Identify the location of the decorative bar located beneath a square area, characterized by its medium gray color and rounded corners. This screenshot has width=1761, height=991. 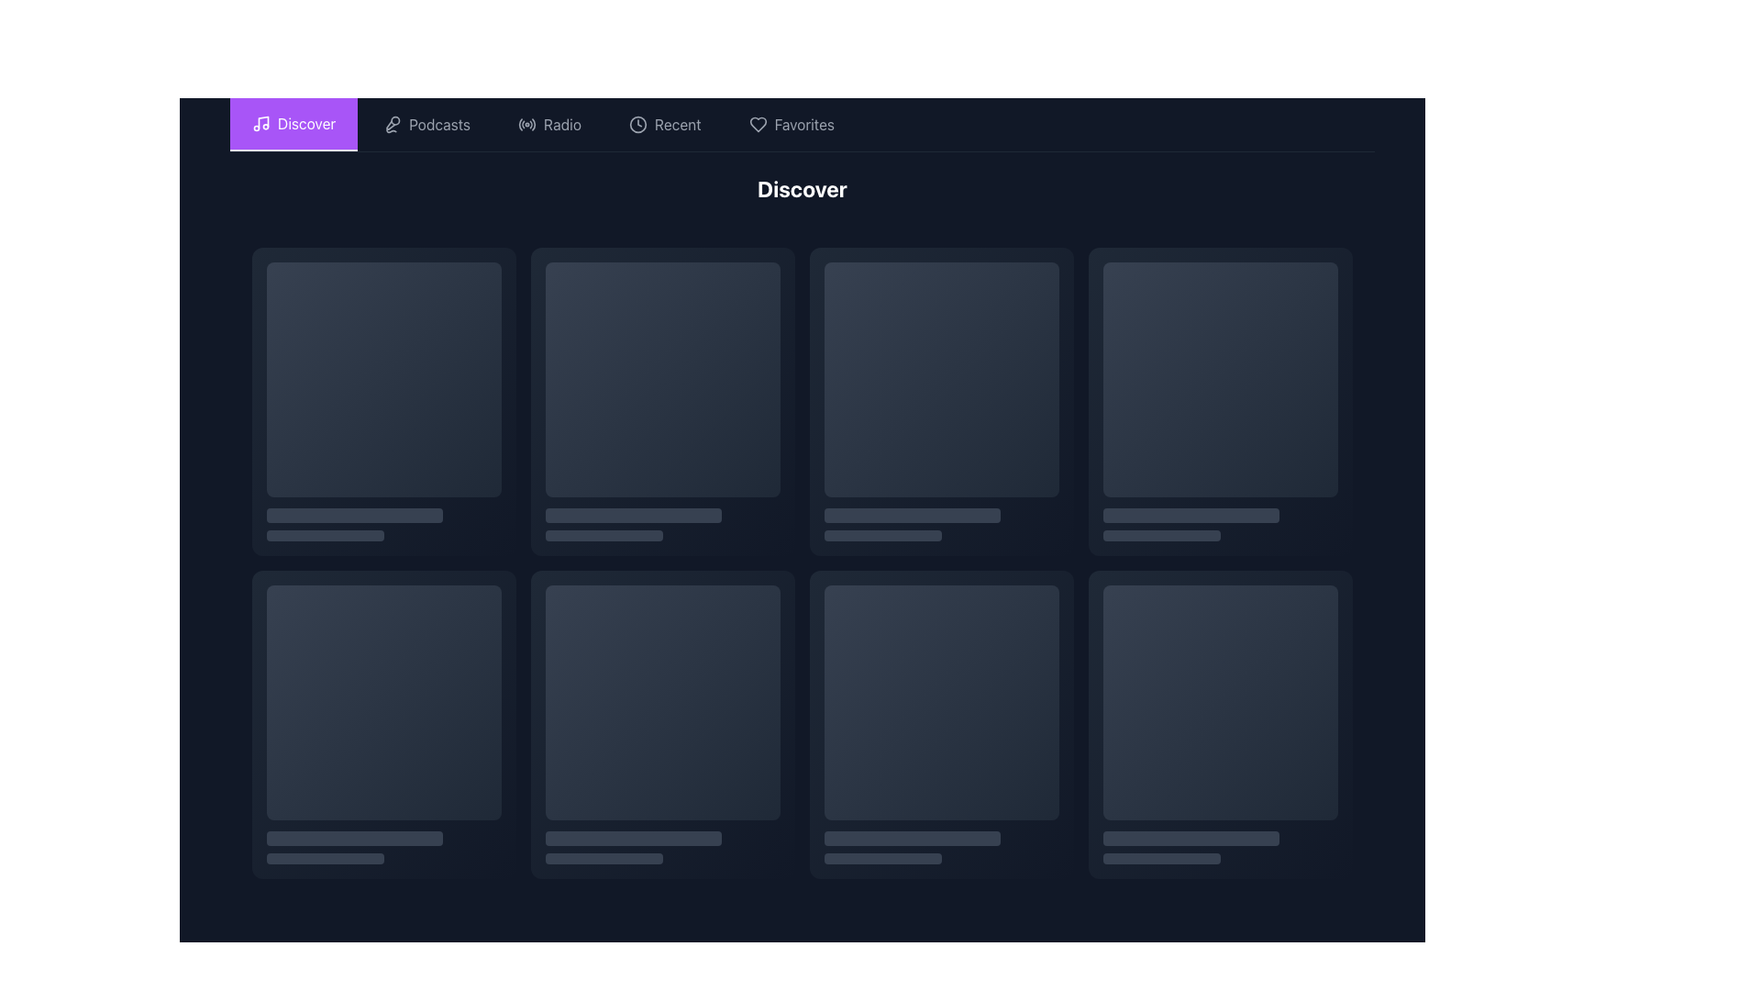
(1191, 839).